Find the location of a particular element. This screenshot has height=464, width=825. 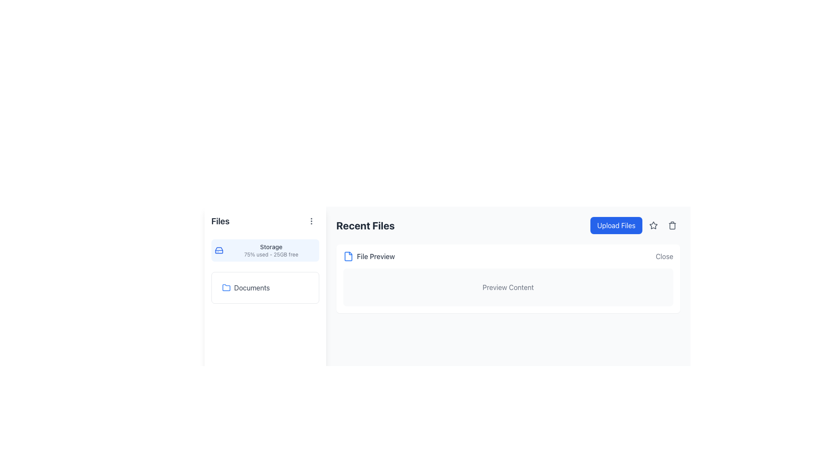

the blue button labeled 'Upload Files' is located at coordinates (635, 225).